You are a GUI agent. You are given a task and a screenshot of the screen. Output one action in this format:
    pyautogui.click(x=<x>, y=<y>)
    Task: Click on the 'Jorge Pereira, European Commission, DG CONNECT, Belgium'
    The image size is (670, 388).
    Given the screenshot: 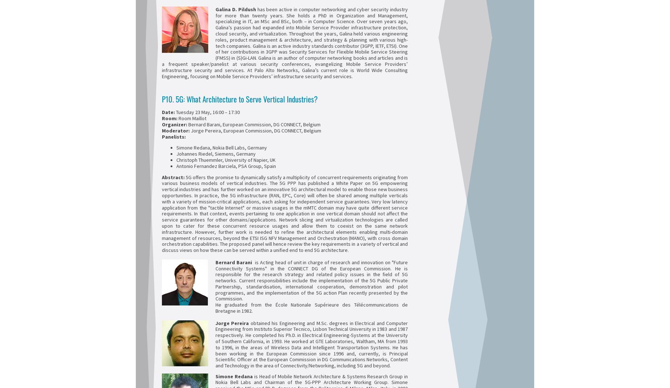 What is the action you would take?
    pyautogui.click(x=189, y=130)
    